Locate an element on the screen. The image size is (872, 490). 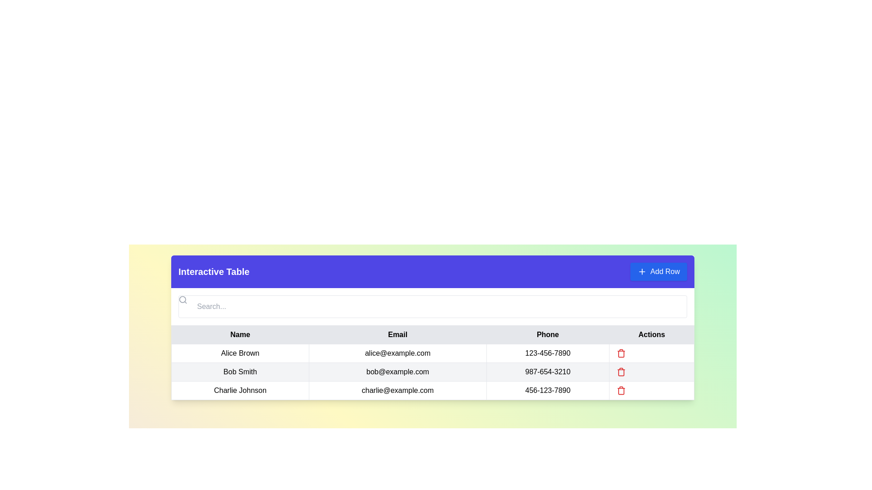
the trash bin icon in the 'Actions' column of the table is located at coordinates (621, 372).